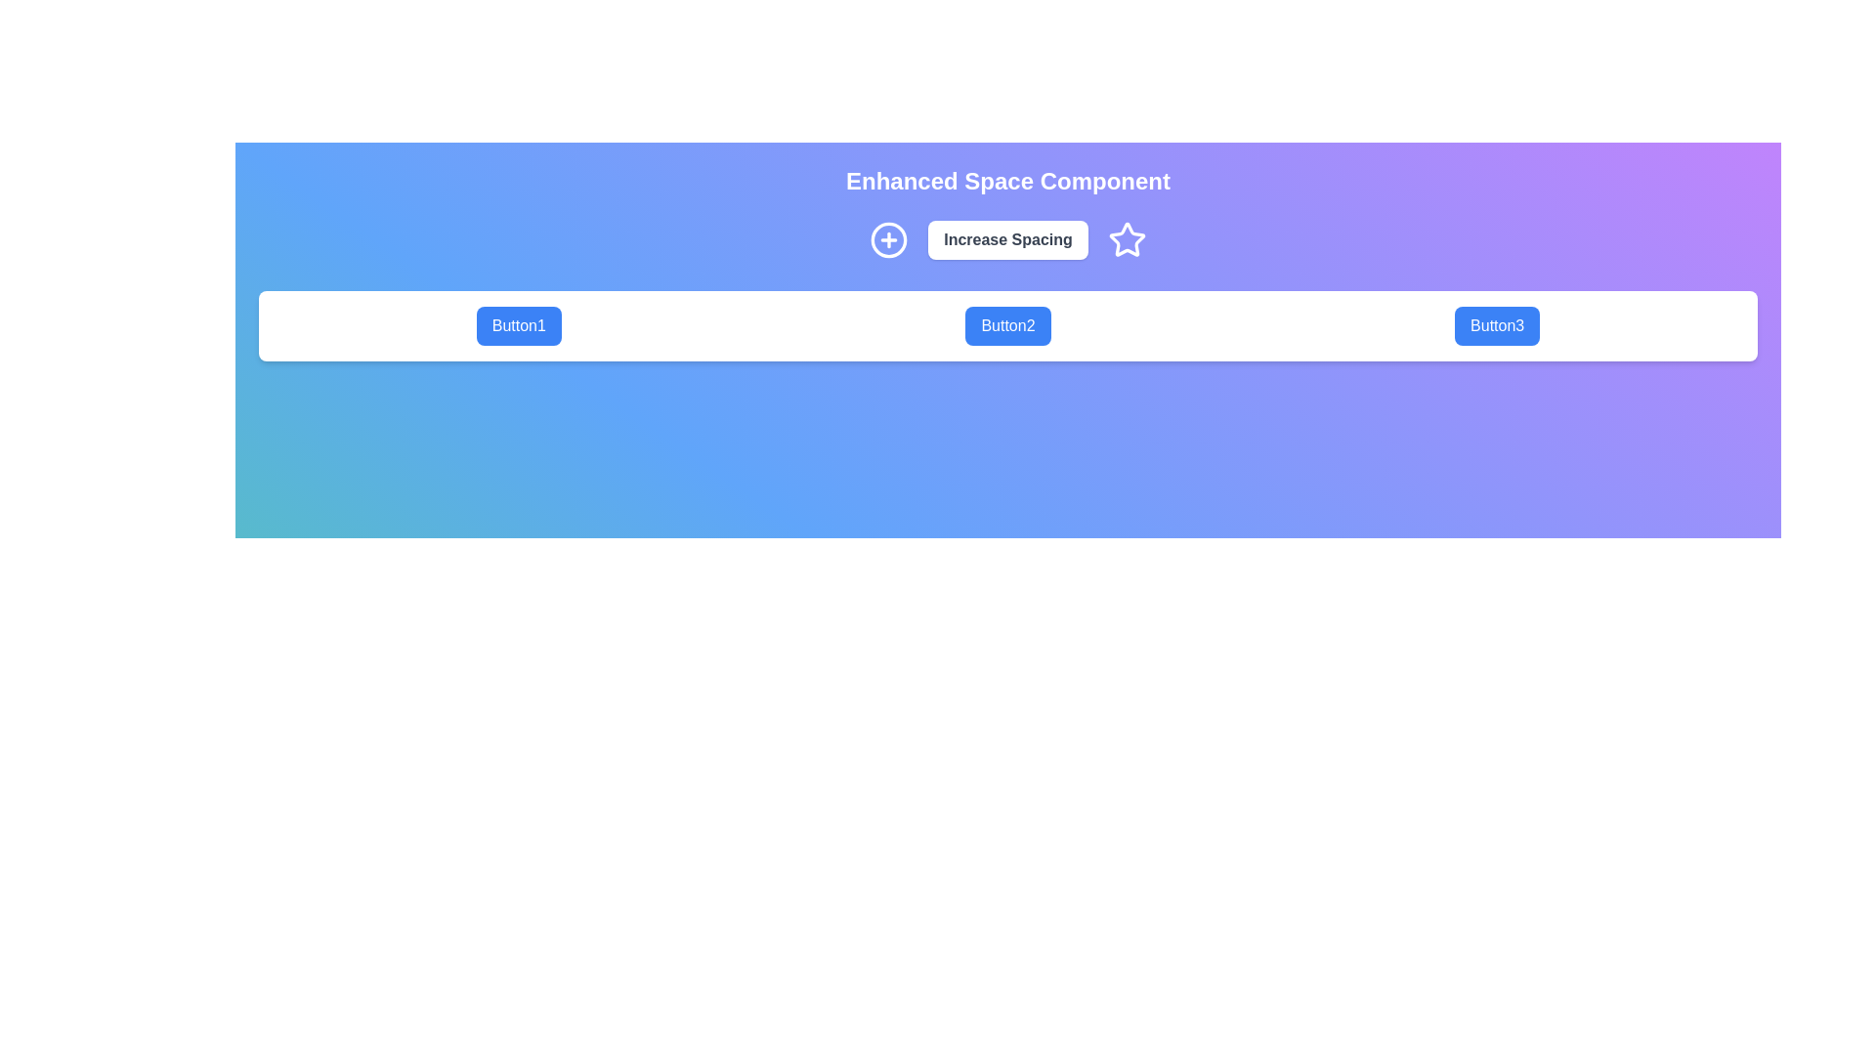 The image size is (1876, 1055). I want to click on the 'Increase Spacing' button, which is a rectangular button with rounded corners, white background, and dark gray bold text, so click(1008, 239).